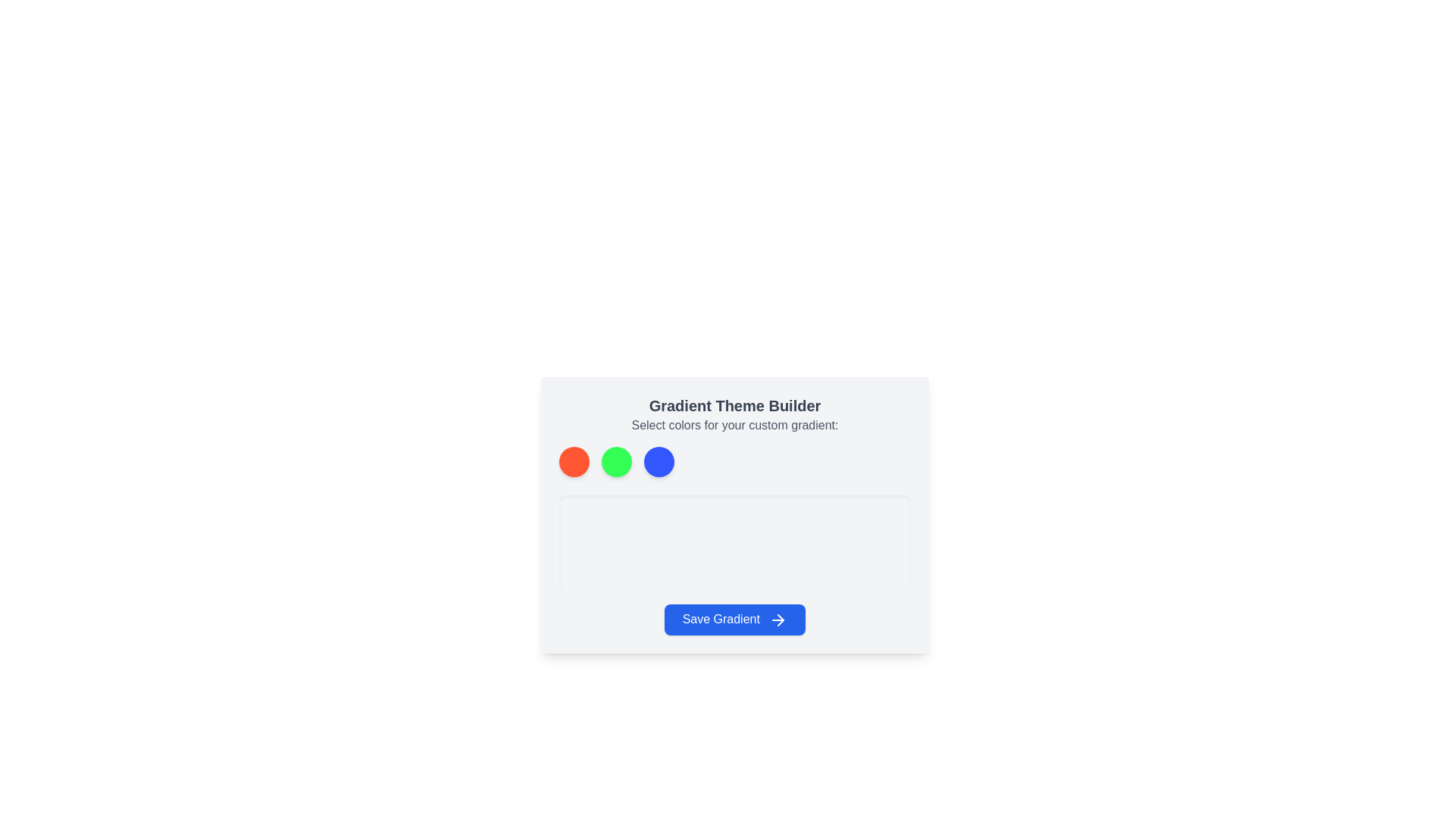  I want to click on the icon located at the far right of the 'Save Gradient' button to emphasize its functionality for saving the gradient, so click(778, 620).